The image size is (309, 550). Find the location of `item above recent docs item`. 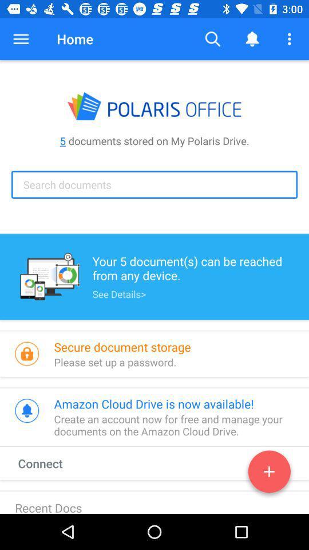

item above recent docs item is located at coordinates (50, 463).